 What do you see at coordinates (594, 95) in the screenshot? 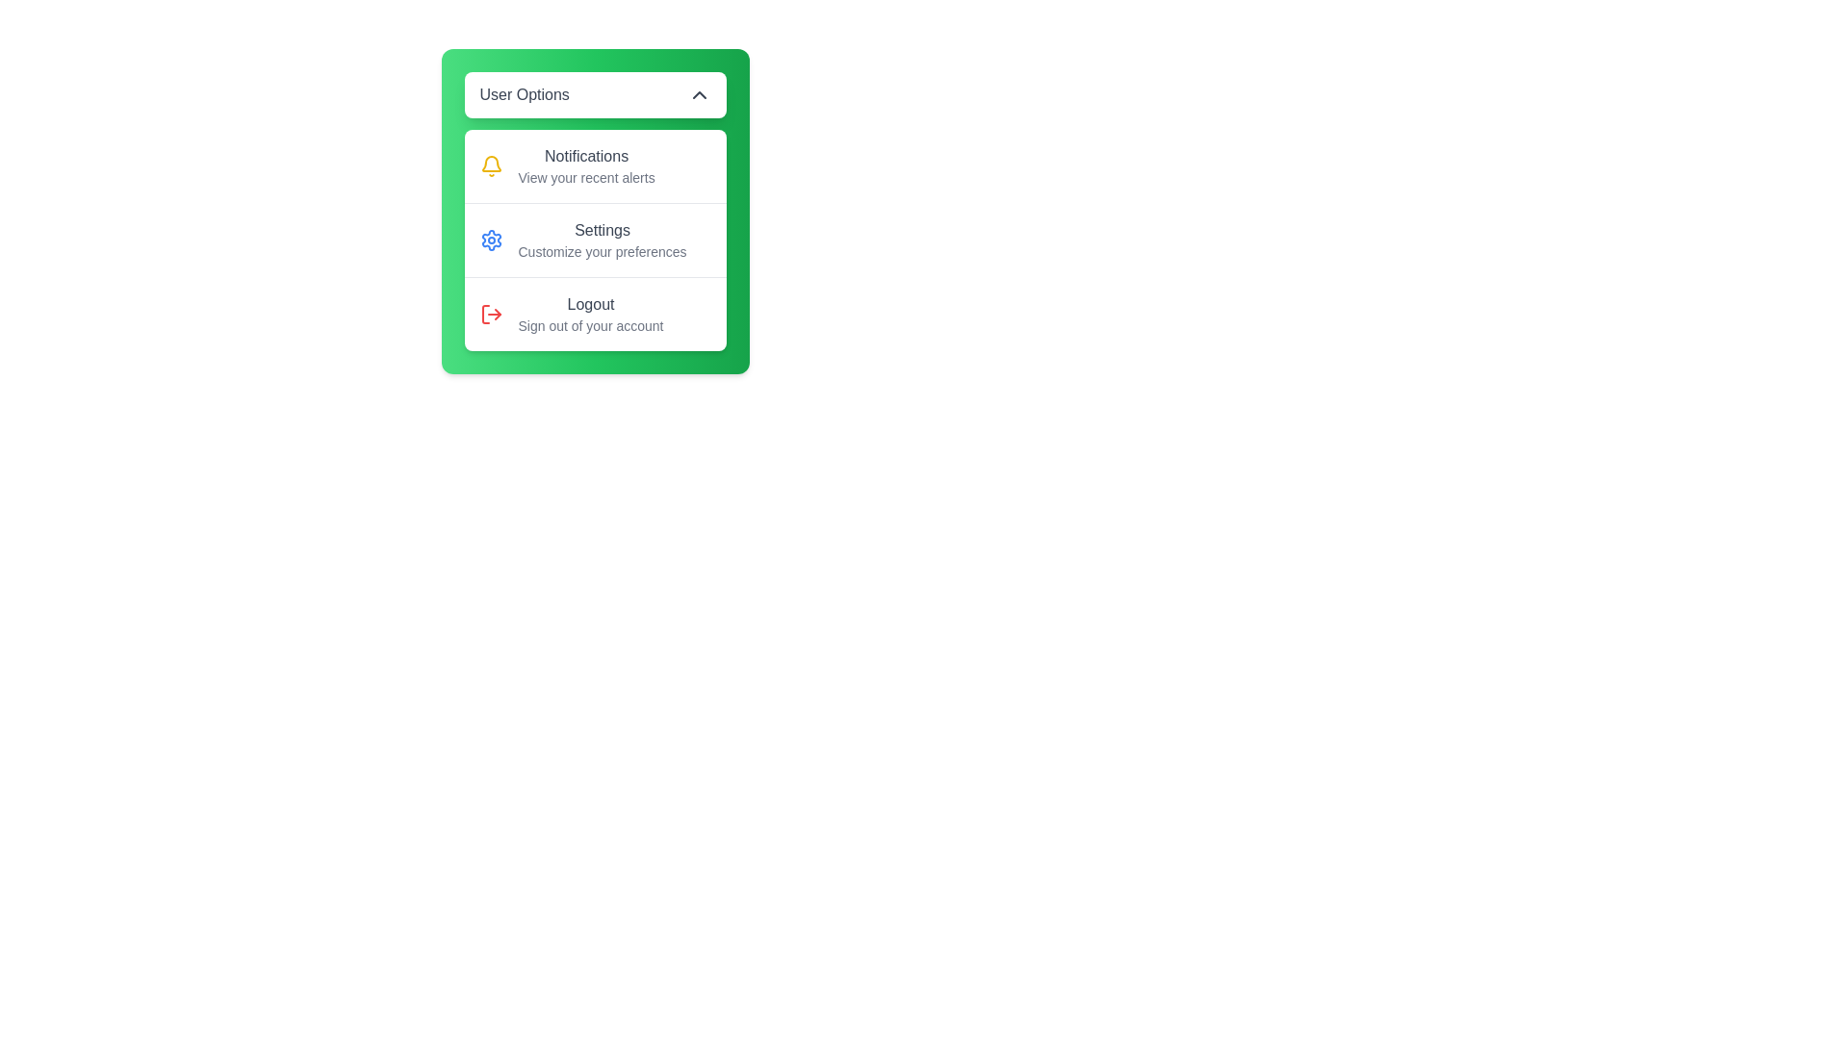
I see `the Dropdown toggle button located at the top of the green rounded rectangle` at bounding box center [594, 95].